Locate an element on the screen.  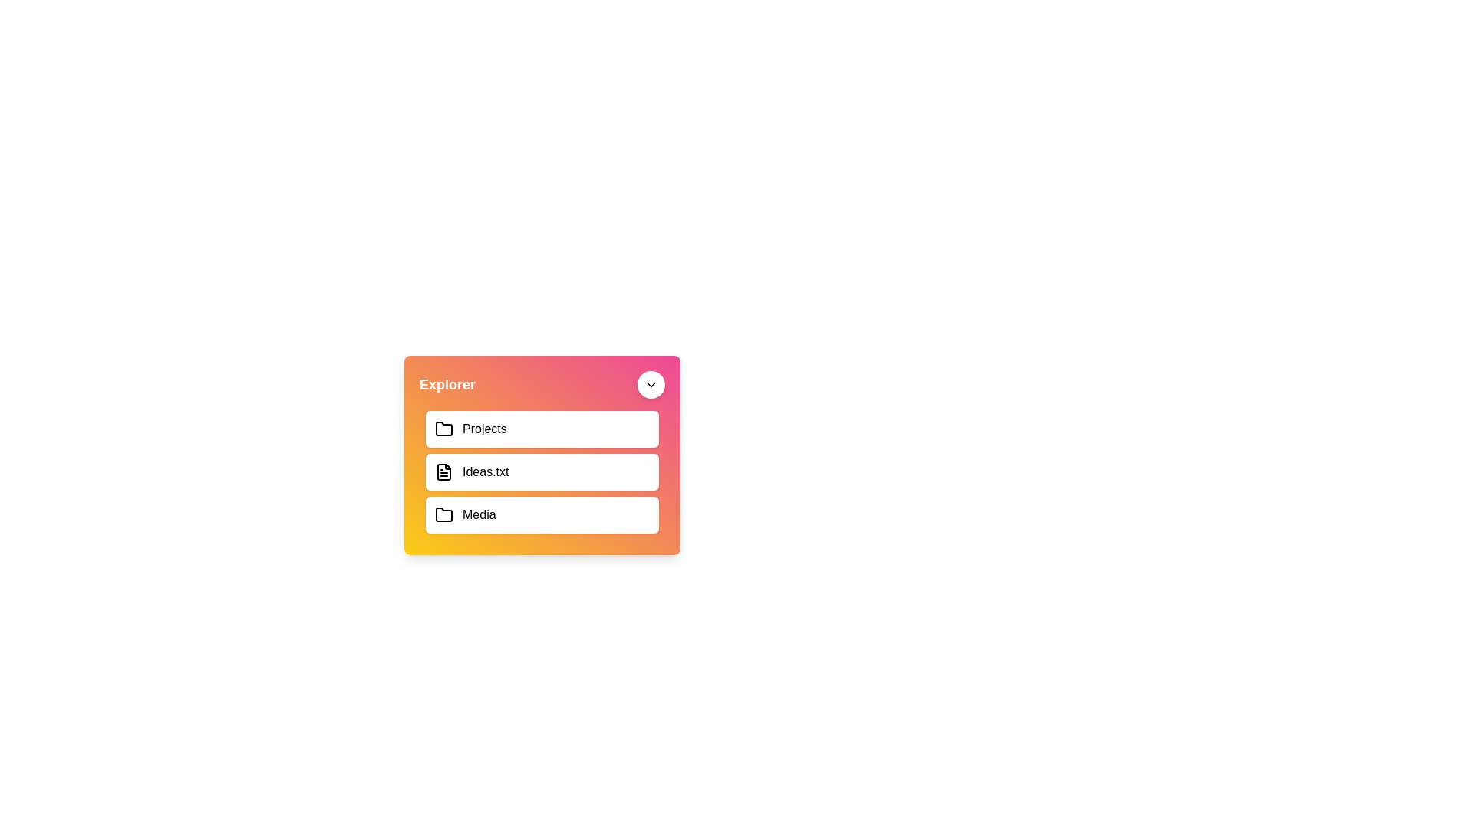
the item Ideas.txt from the list is located at coordinates (542, 472).